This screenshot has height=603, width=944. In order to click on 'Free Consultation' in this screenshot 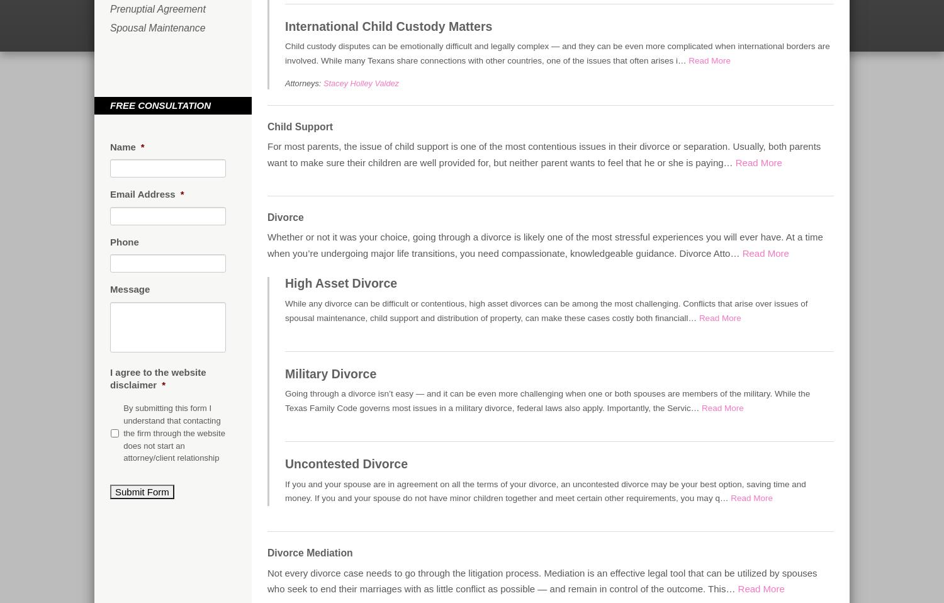, I will do `click(160, 104)`.